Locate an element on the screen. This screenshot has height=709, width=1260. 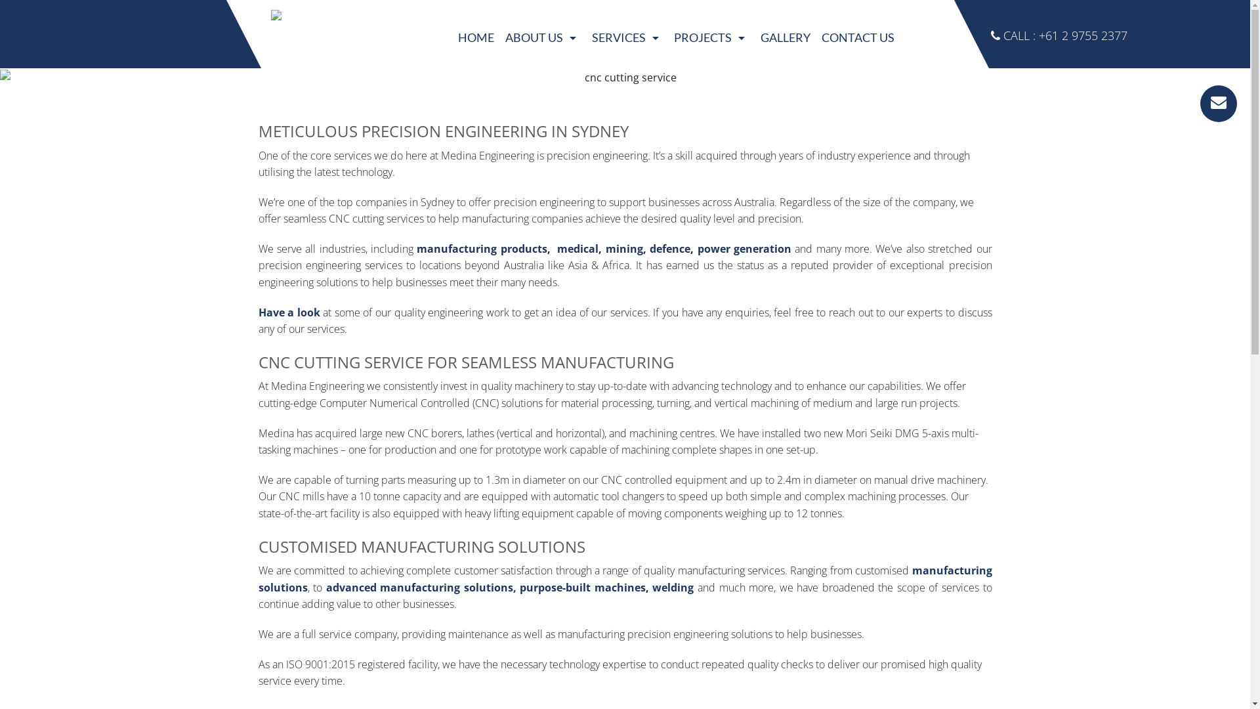
'HOME' is located at coordinates (475, 37).